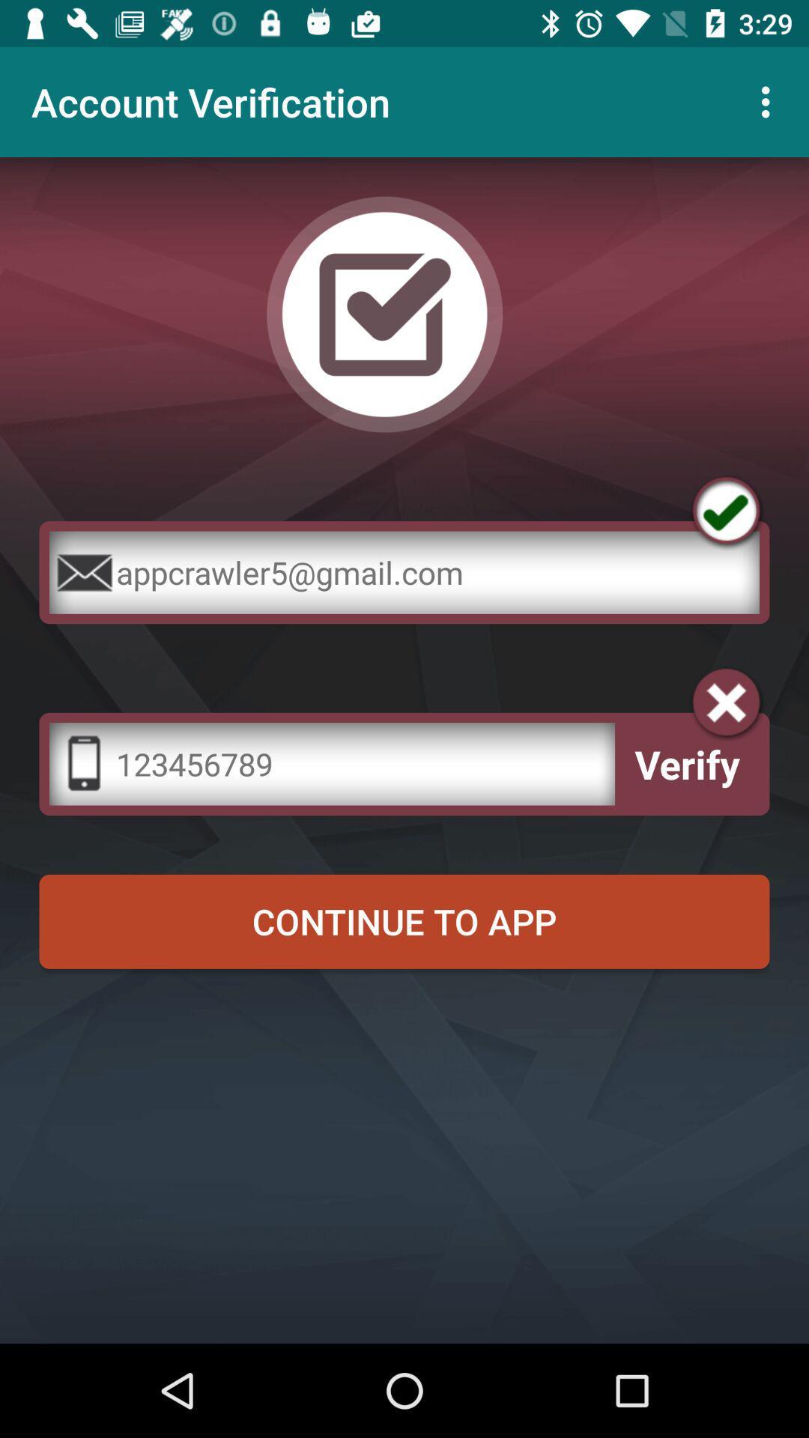 Image resolution: width=809 pixels, height=1438 pixels. I want to click on icon to the right of account verification app, so click(769, 101).